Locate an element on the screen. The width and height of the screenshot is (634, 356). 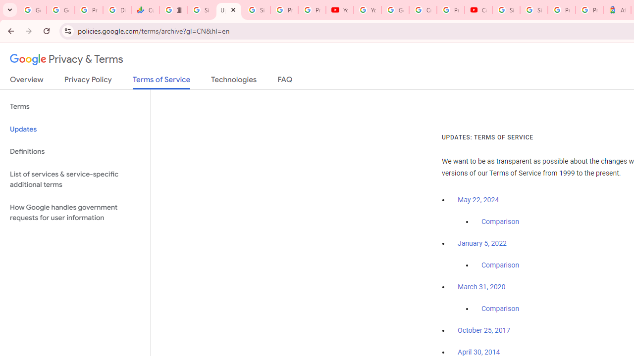
'March 31, 2020' is located at coordinates (481, 287).